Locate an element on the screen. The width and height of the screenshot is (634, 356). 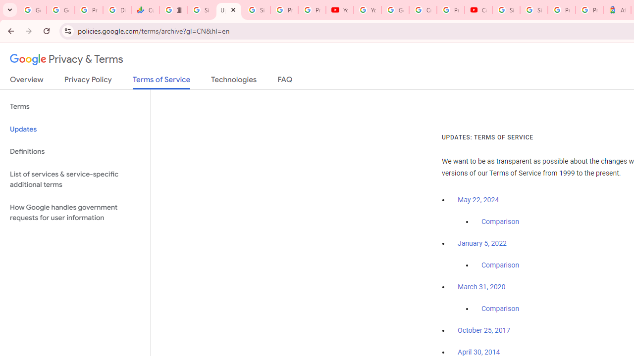
'March 31, 2020' is located at coordinates (481, 287).